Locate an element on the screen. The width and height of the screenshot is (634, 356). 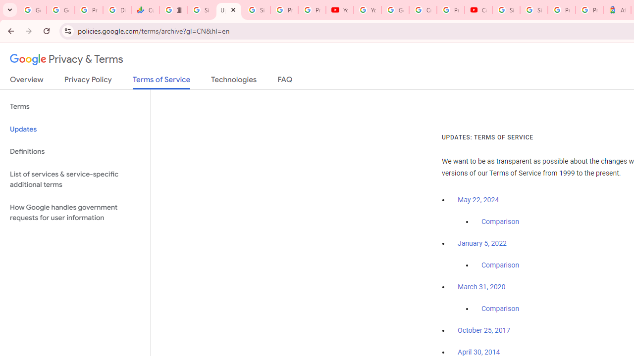
'March 31, 2020' is located at coordinates (481, 287).